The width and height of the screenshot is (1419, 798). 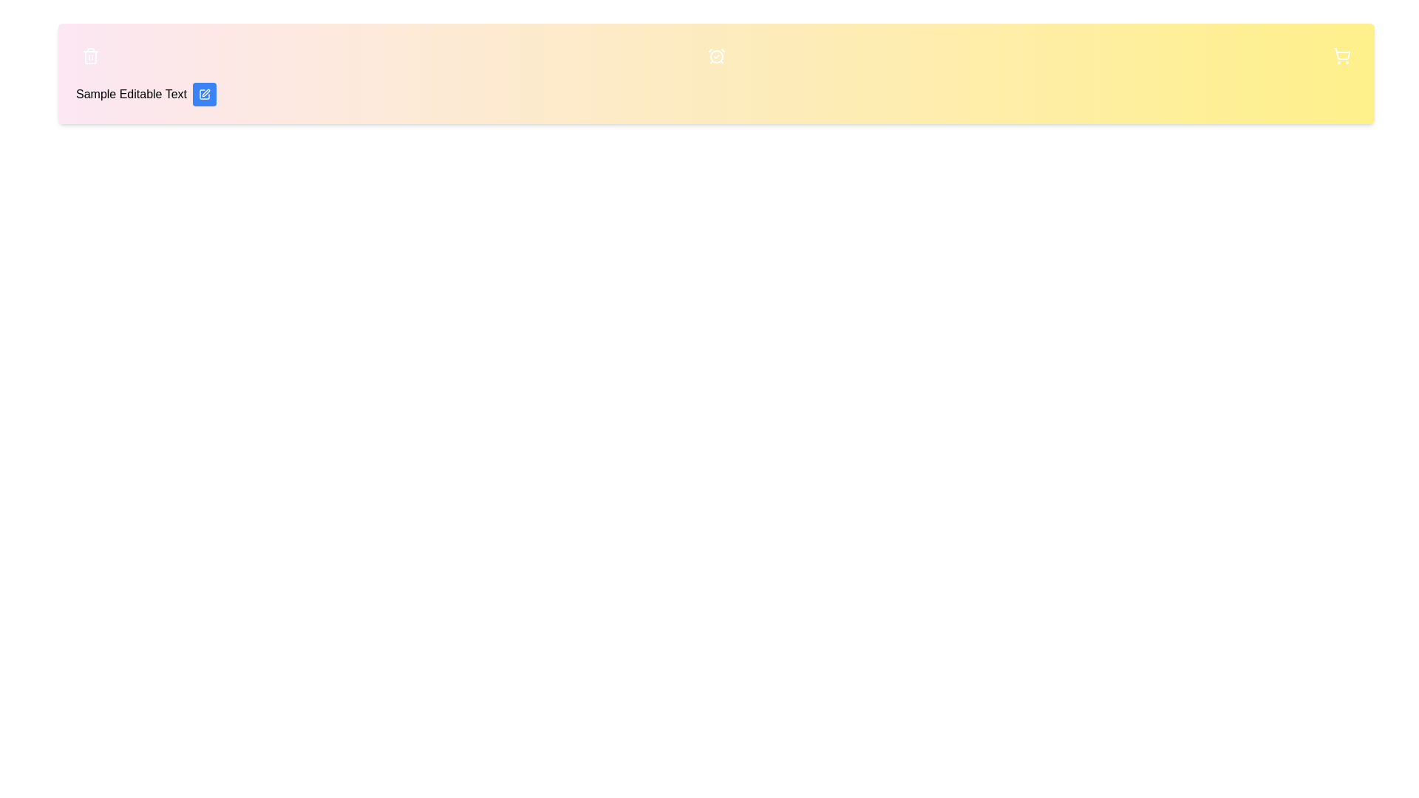 What do you see at coordinates (716, 55) in the screenshot?
I see `the alarm confirmation button located centrally` at bounding box center [716, 55].